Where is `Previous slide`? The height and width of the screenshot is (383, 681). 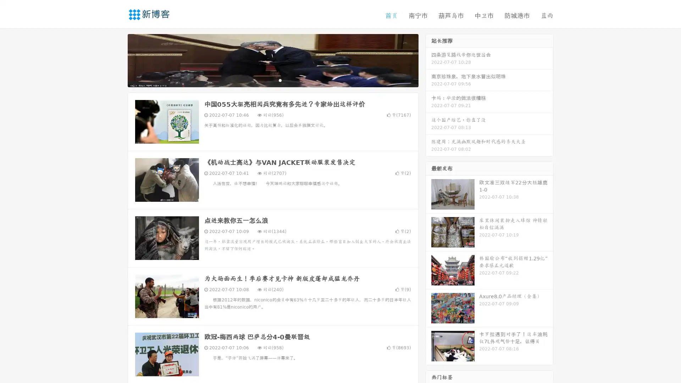 Previous slide is located at coordinates (117, 60).